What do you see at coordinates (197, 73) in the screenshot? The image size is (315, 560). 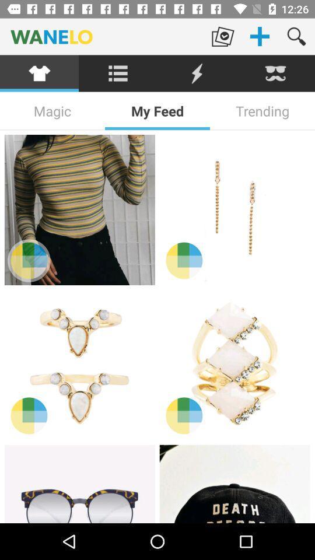 I see `item below the wanelo` at bounding box center [197, 73].